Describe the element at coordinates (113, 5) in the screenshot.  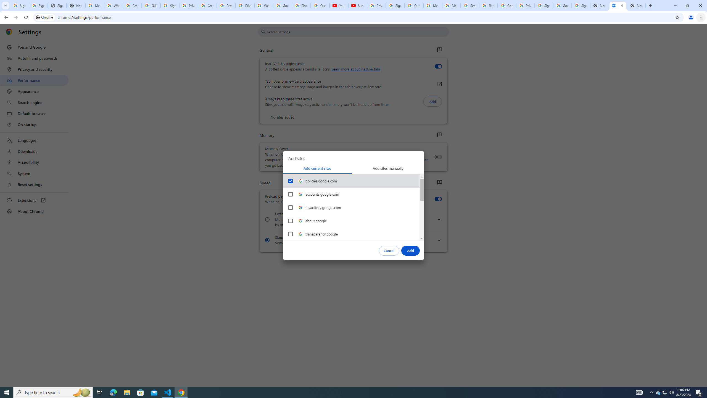
I see `'Who is my administrator? - Google Account Help'` at that location.